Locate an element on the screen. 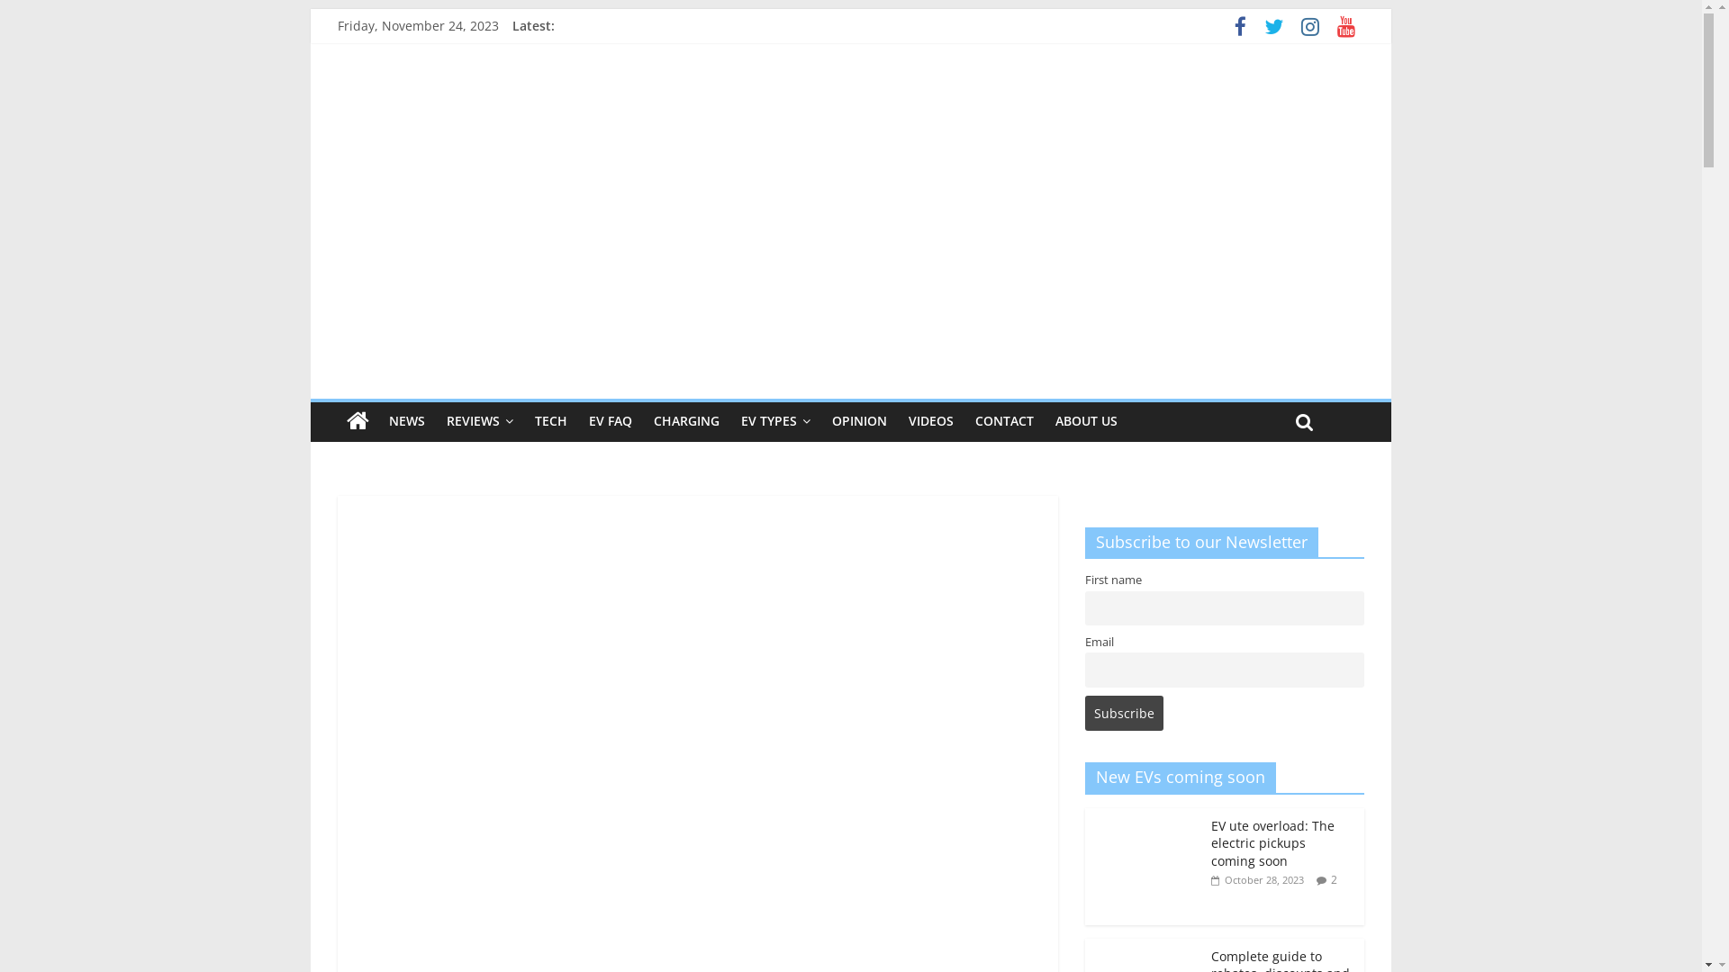  'NEWS' is located at coordinates (377, 420).